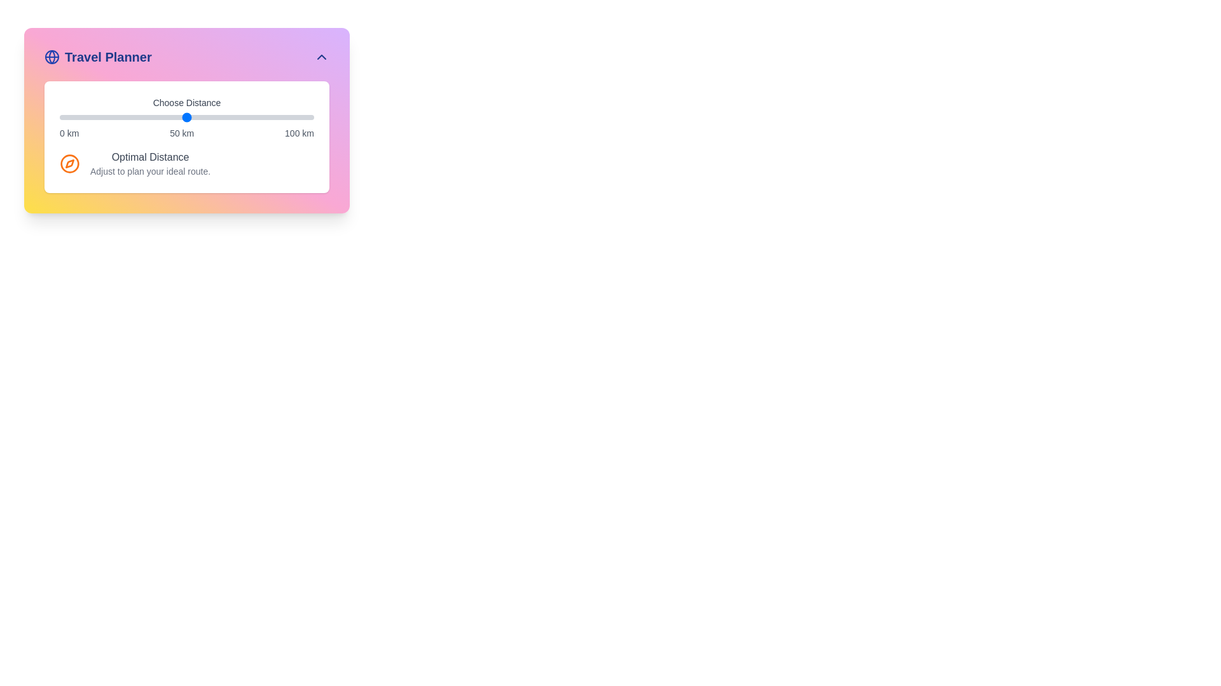  Describe the element at coordinates (259, 118) in the screenshot. I see `the distance slider` at that location.